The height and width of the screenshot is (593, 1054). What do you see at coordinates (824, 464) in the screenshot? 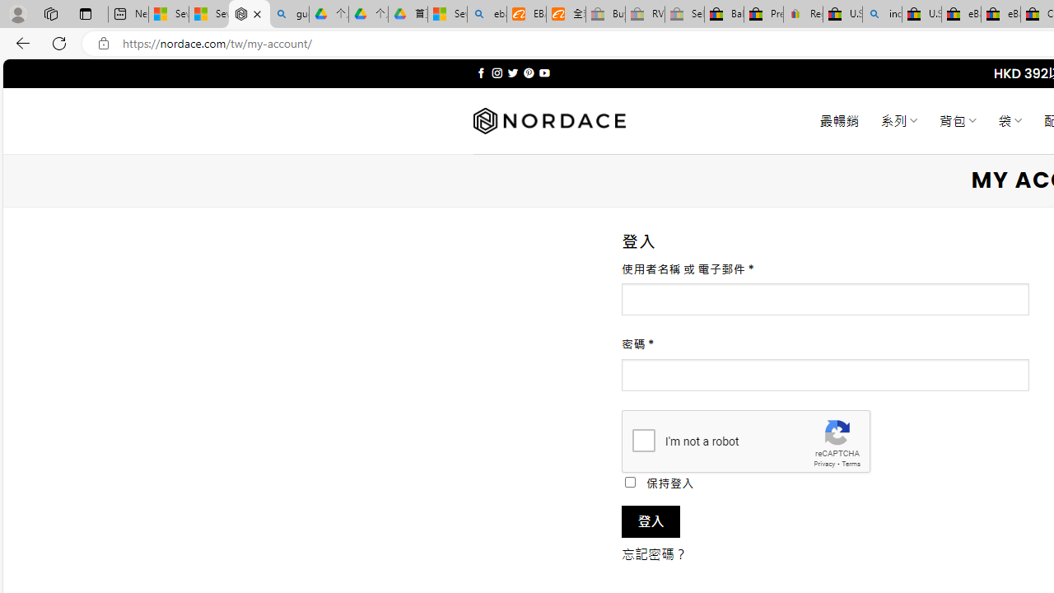
I see `'Privacy'` at bounding box center [824, 464].